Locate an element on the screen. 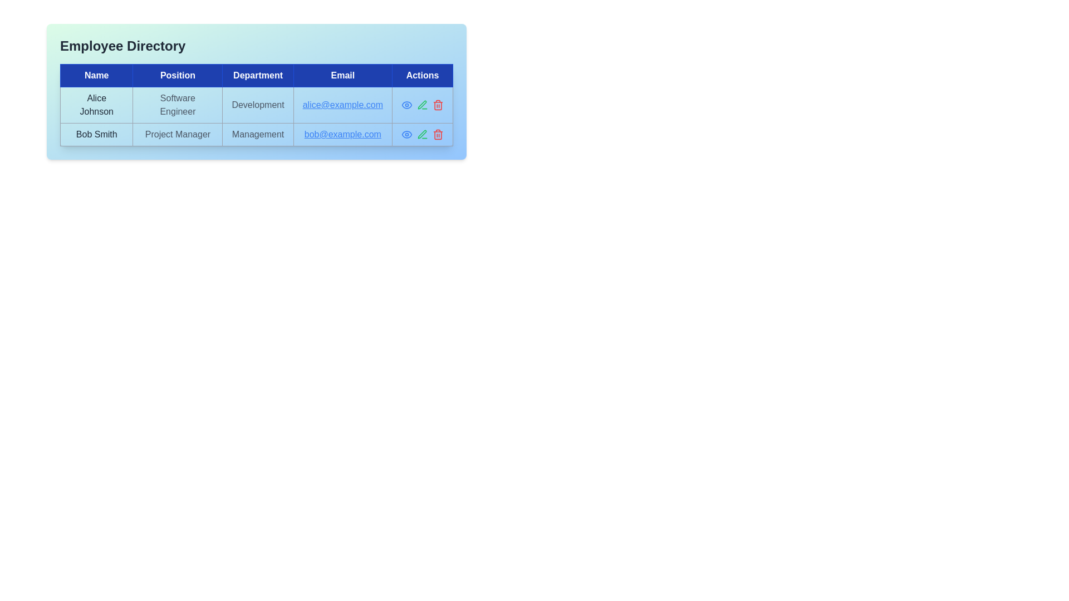 Image resolution: width=1069 pixels, height=601 pixels. the hyperlink in the employee directory table under the 'Email' heading, aligned with 'Bob Smith' is located at coordinates (342, 134).